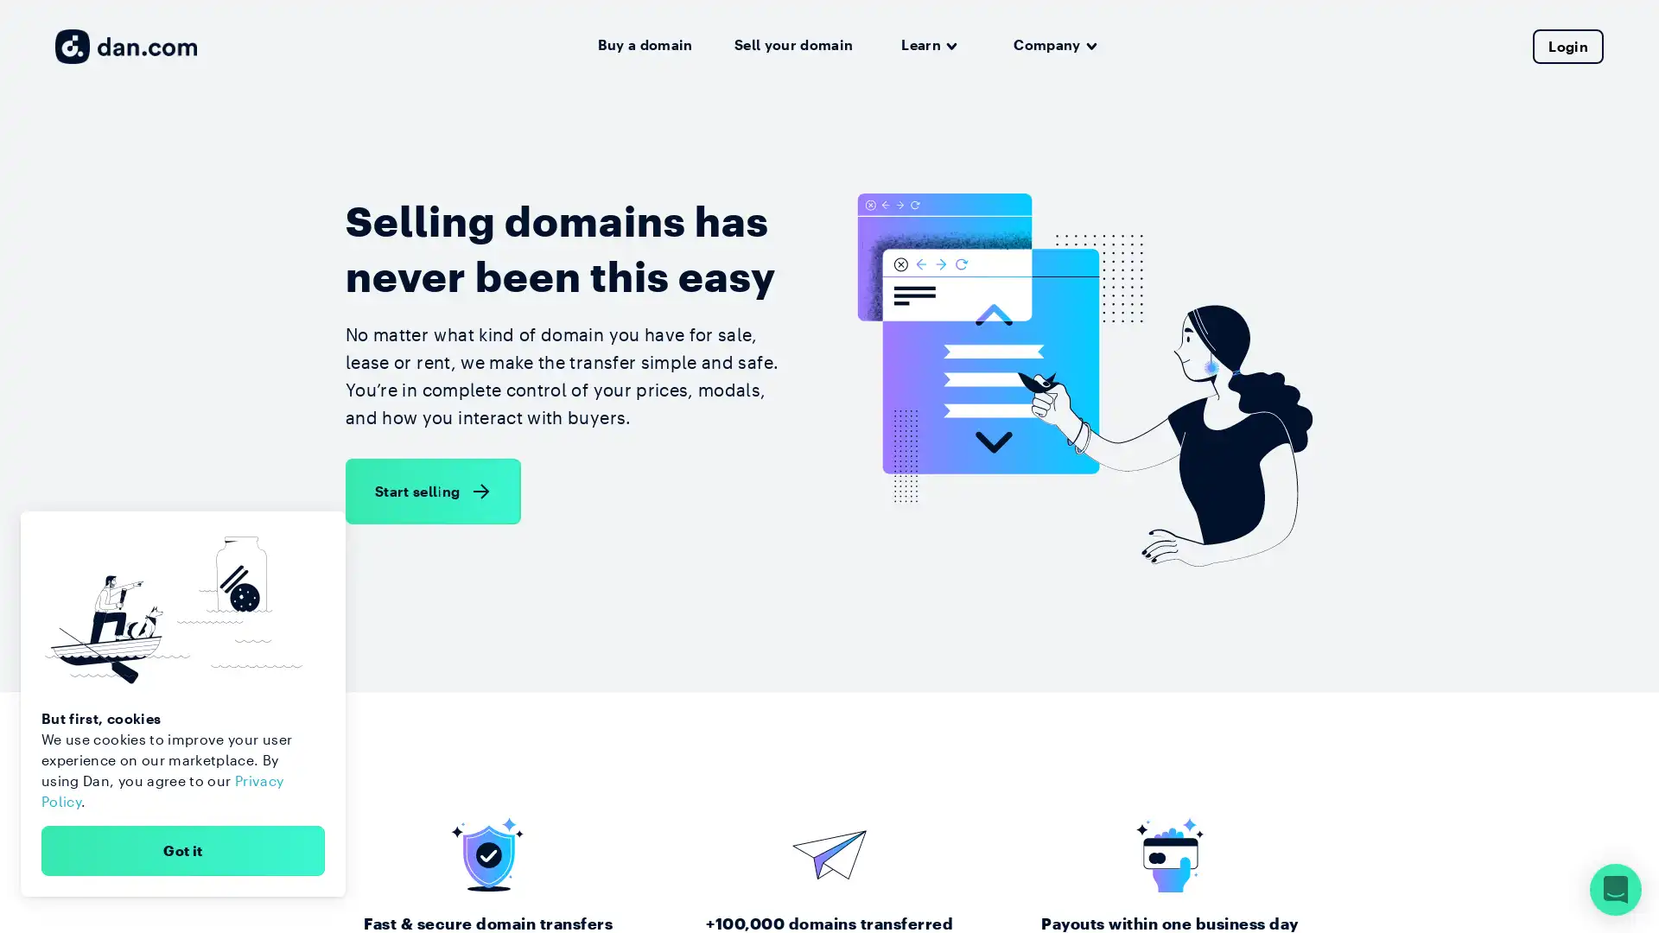 This screenshot has height=933, width=1659. I want to click on Company, so click(1054, 45).